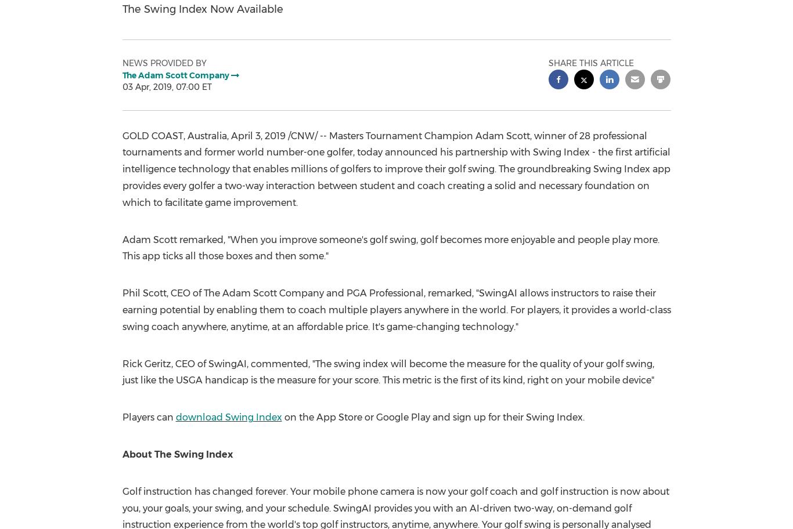 The image size is (793, 529). What do you see at coordinates (177, 454) in the screenshot?
I see `'About The Swing Index'` at bounding box center [177, 454].